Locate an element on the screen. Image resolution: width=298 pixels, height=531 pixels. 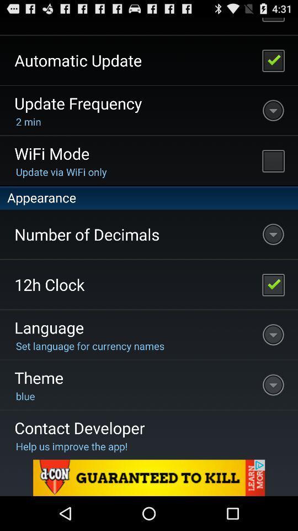
advertisement link is located at coordinates (149, 477).